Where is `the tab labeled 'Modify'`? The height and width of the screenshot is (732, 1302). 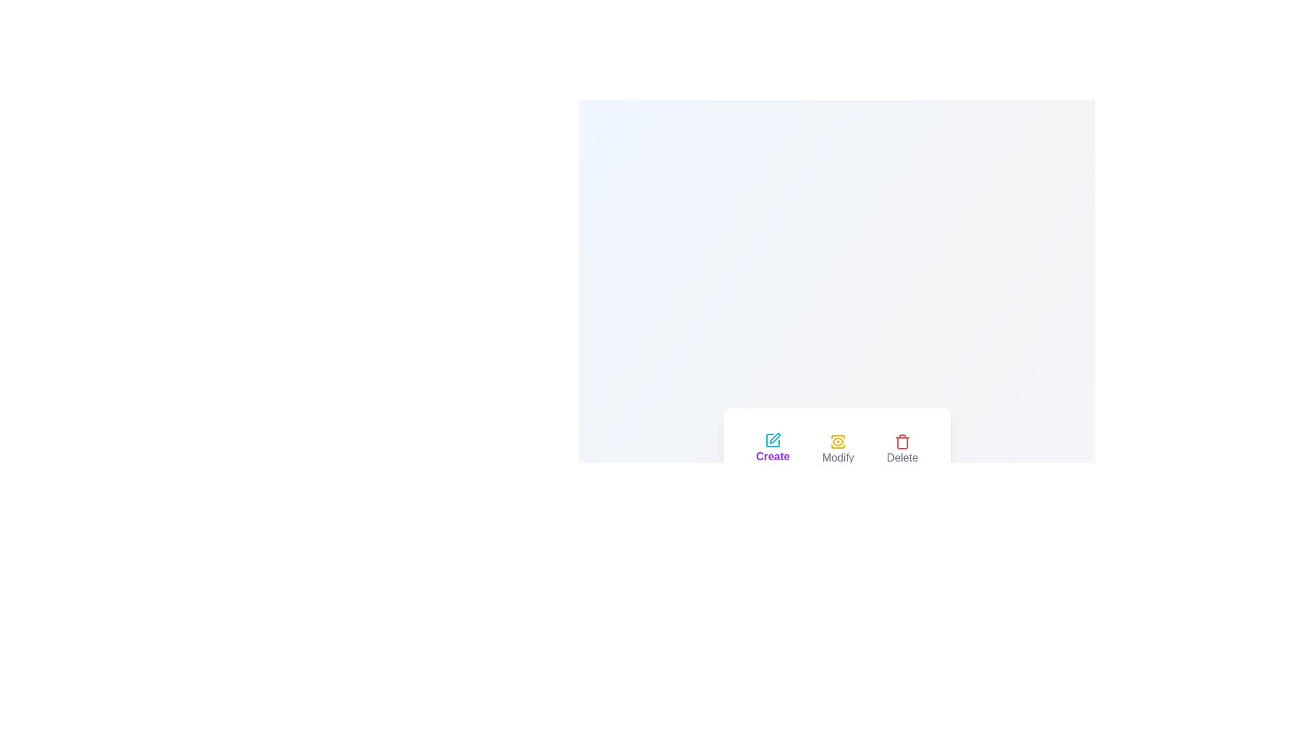
the tab labeled 'Modify' is located at coordinates (837, 449).